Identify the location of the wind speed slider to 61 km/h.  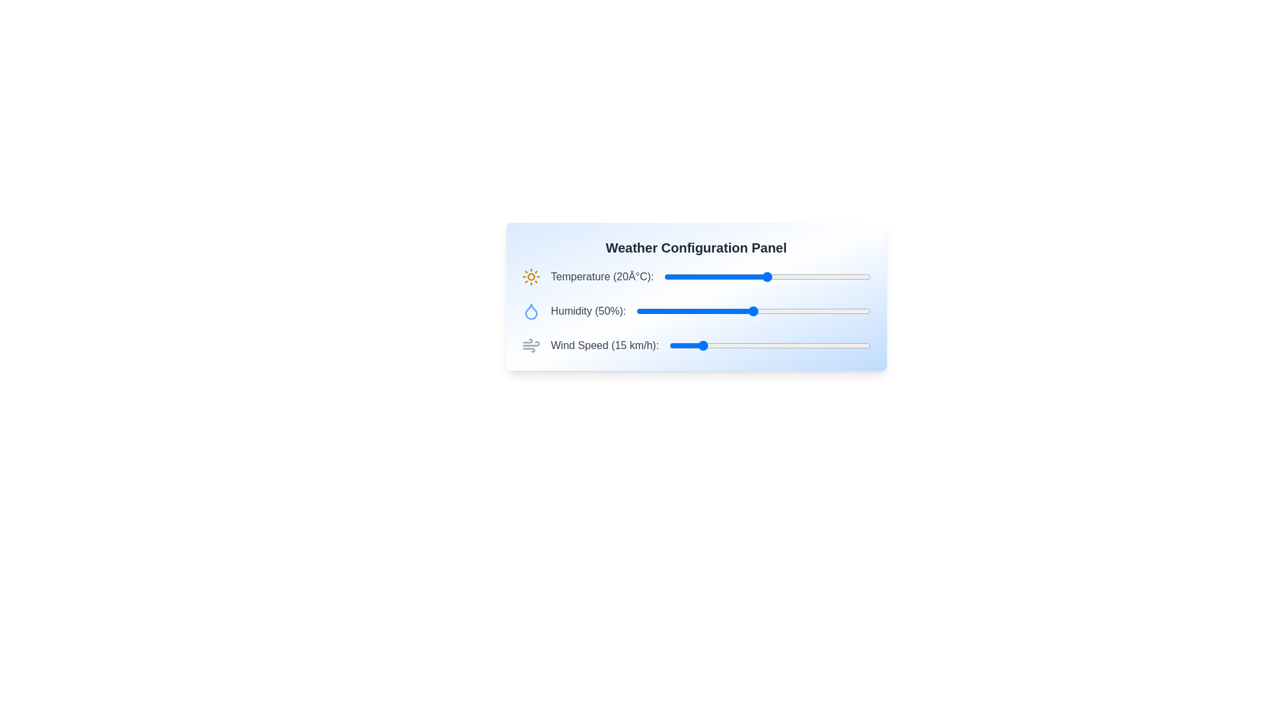
(792, 345).